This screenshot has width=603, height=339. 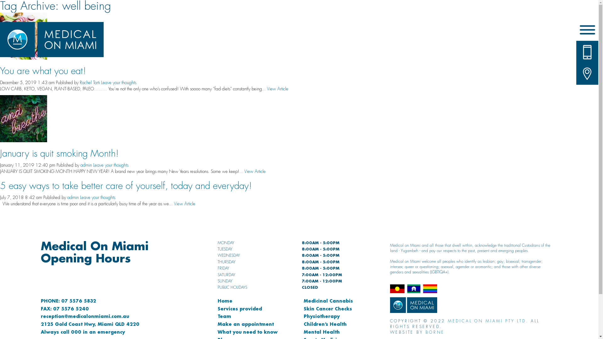 What do you see at coordinates (65, 308) in the screenshot?
I see `'FAX: 07 5576 5240'` at bounding box center [65, 308].